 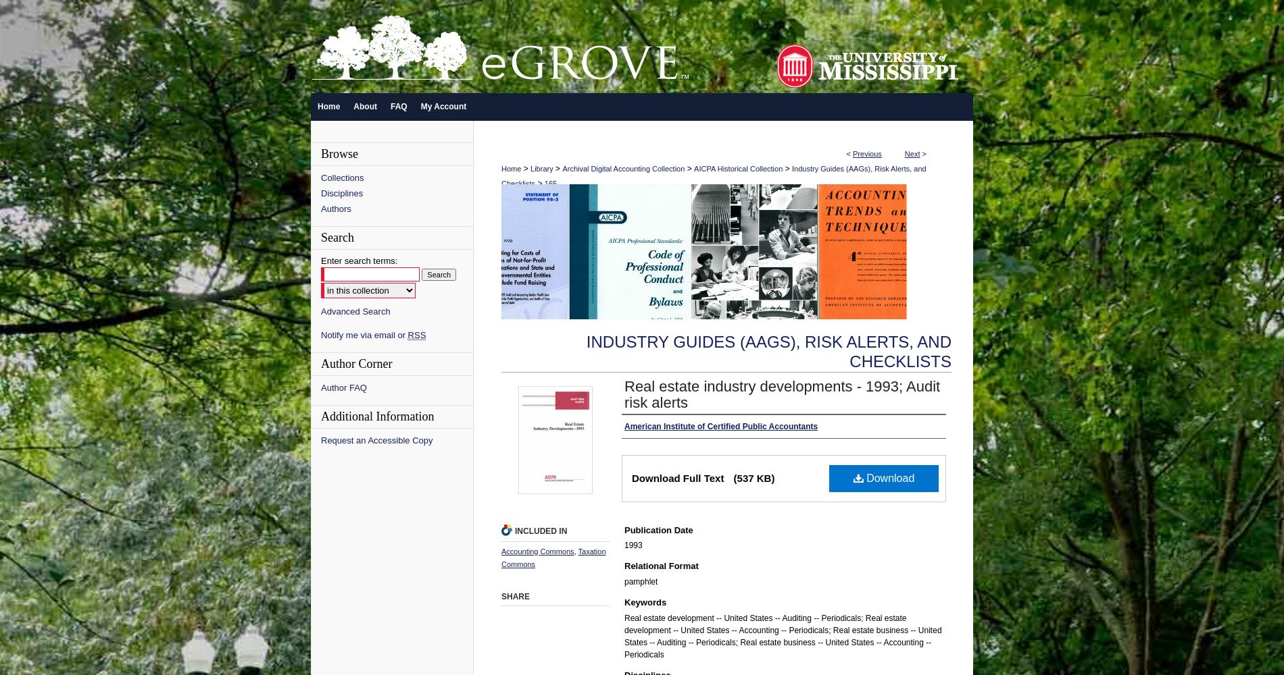 What do you see at coordinates (622, 169) in the screenshot?
I see `'Archival Digital Accounting Collection'` at bounding box center [622, 169].